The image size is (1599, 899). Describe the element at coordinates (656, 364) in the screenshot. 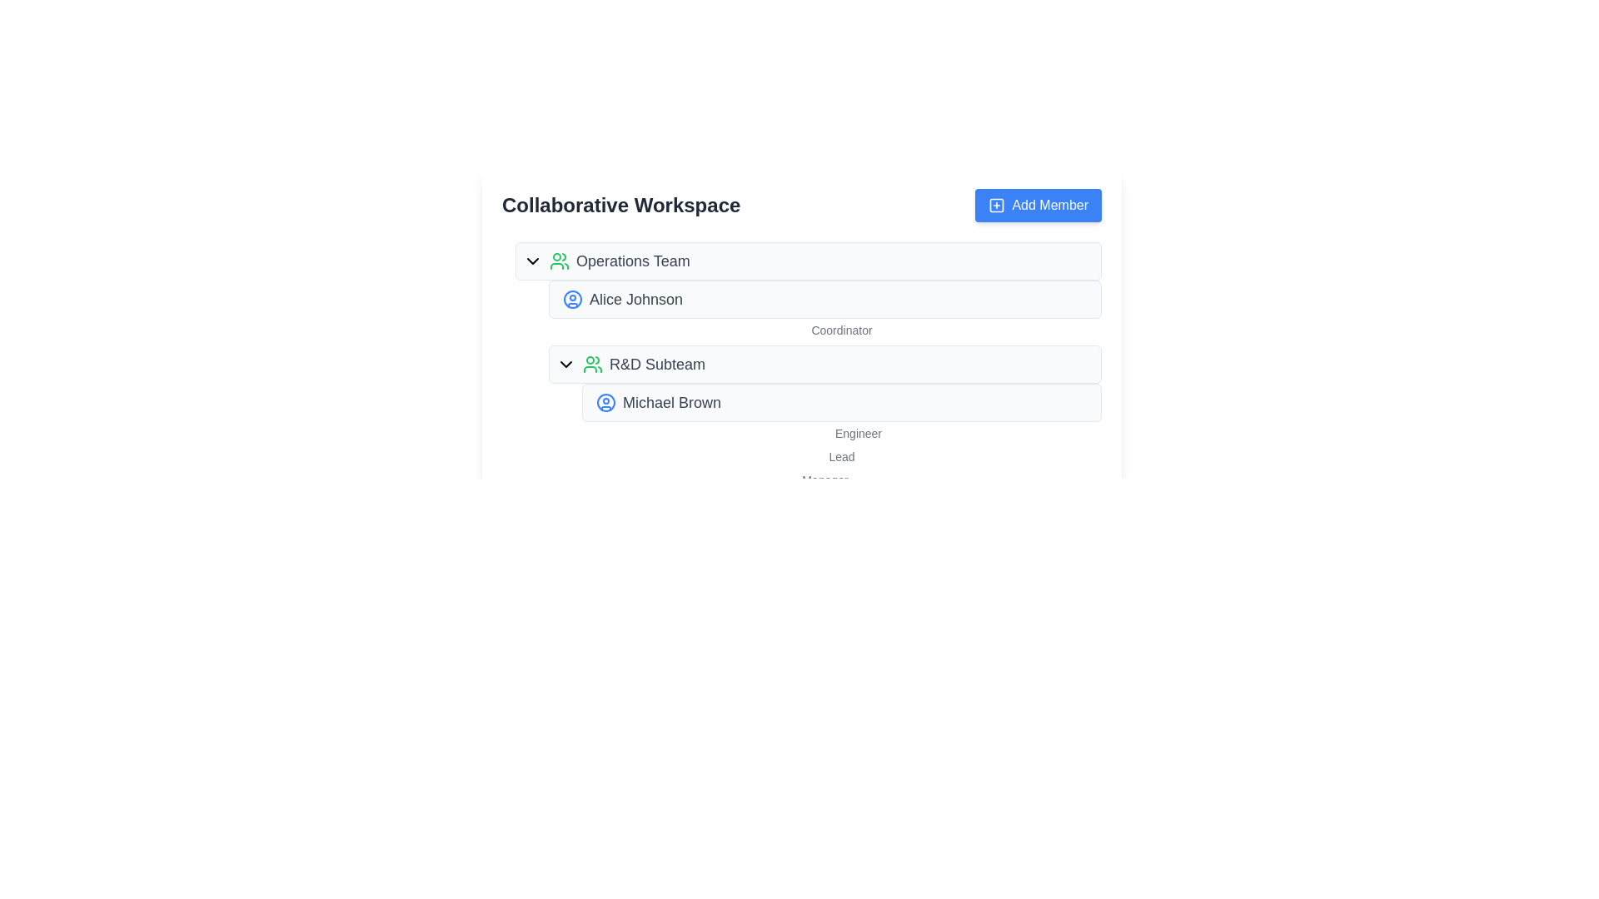

I see `text label indicating the 'R&D Subteam', which is positioned to the right of a user icon in the hierarchical team structure` at that location.